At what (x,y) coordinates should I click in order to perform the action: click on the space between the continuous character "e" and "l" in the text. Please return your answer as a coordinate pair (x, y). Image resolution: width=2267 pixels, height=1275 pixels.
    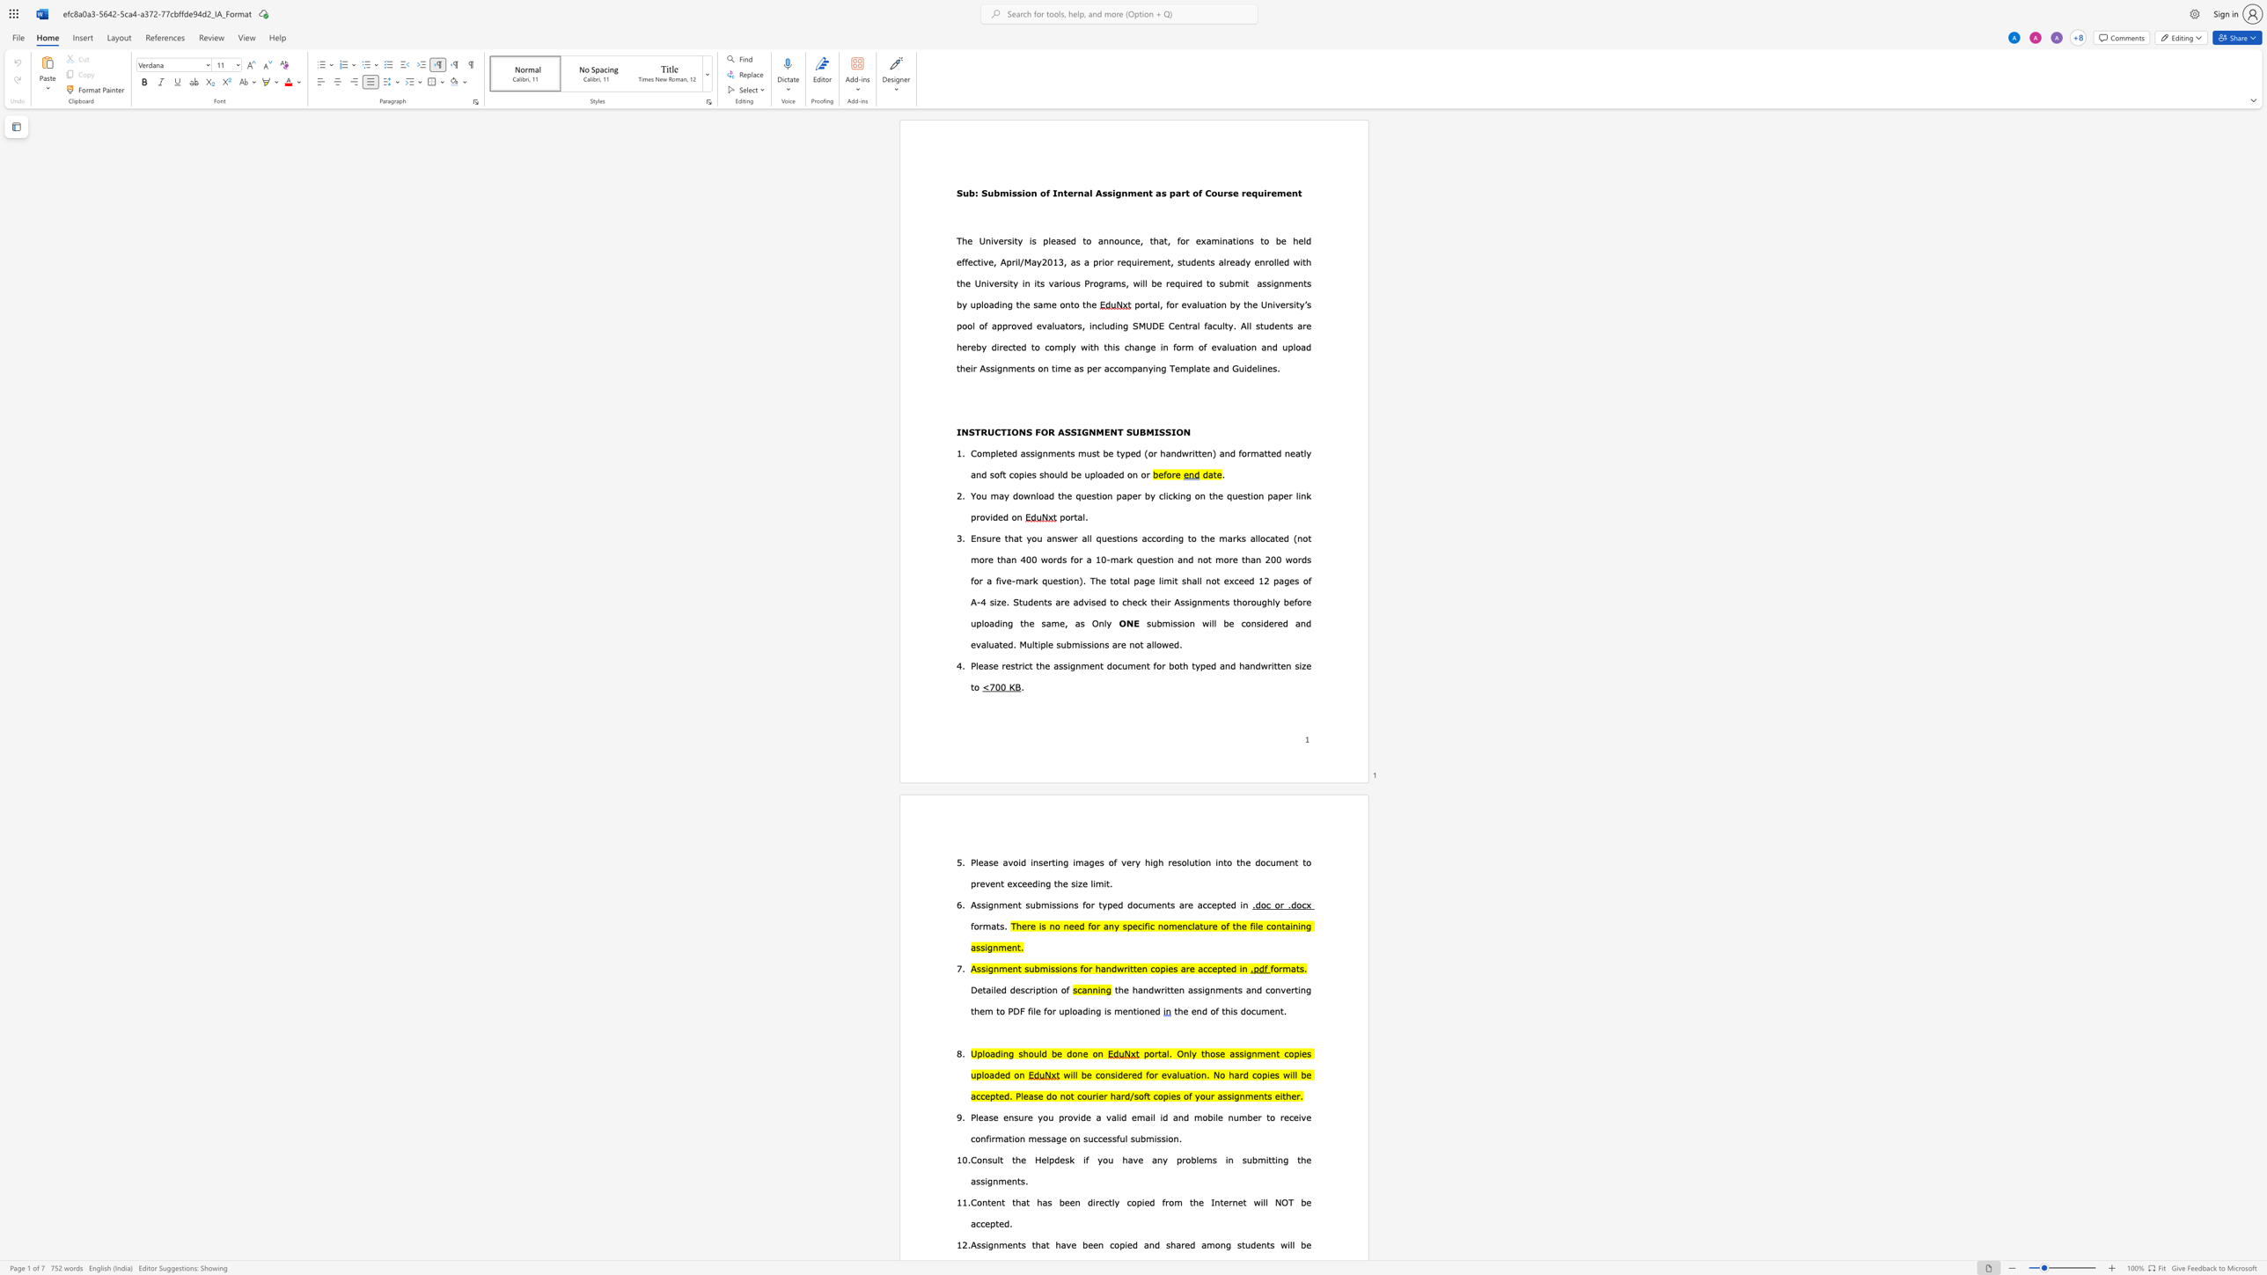
    Looking at the image, I should click on (1256, 368).